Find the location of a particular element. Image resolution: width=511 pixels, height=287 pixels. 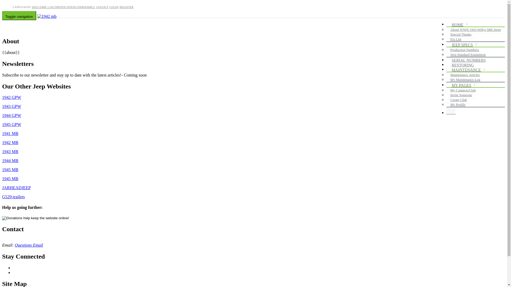

'My Maintenance Log' is located at coordinates (465, 80).